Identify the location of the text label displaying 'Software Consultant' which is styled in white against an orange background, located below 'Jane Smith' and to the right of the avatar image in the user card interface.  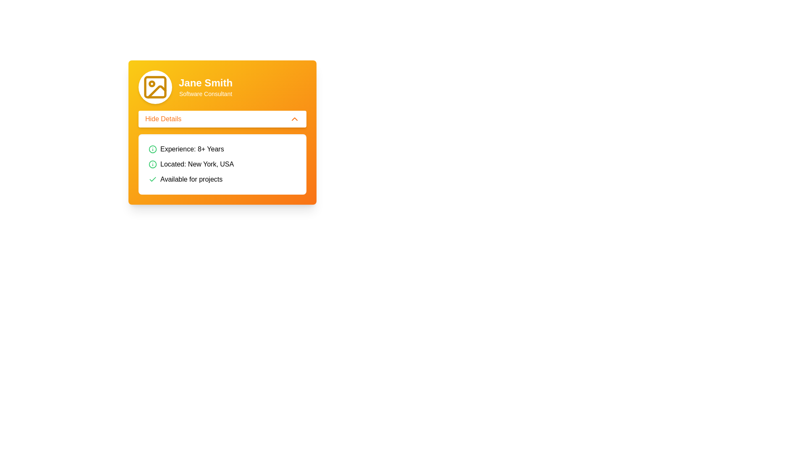
(205, 94).